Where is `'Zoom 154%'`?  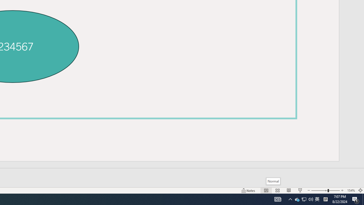 'Zoom 154%' is located at coordinates (351, 190).